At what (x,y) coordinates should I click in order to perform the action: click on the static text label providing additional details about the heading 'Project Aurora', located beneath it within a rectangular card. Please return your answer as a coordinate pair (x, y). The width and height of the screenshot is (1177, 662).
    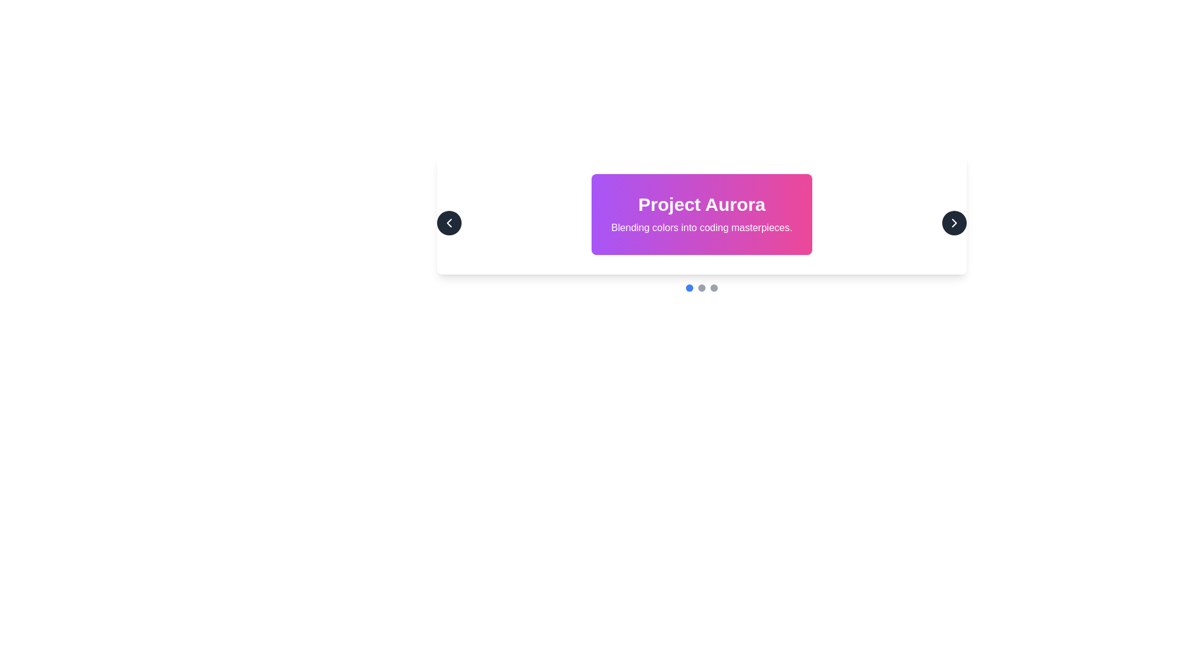
    Looking at the image, I should click on (702, 227).